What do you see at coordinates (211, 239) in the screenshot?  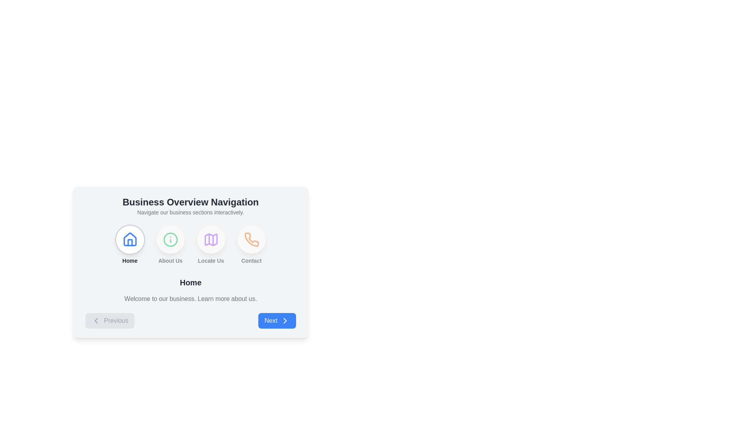 I see `the third circular button with a white background and a purple outline of a map icon, located below the 'Locate Us' label in the 'Business Overview Navigation' section` at bounding box center [211, 239].